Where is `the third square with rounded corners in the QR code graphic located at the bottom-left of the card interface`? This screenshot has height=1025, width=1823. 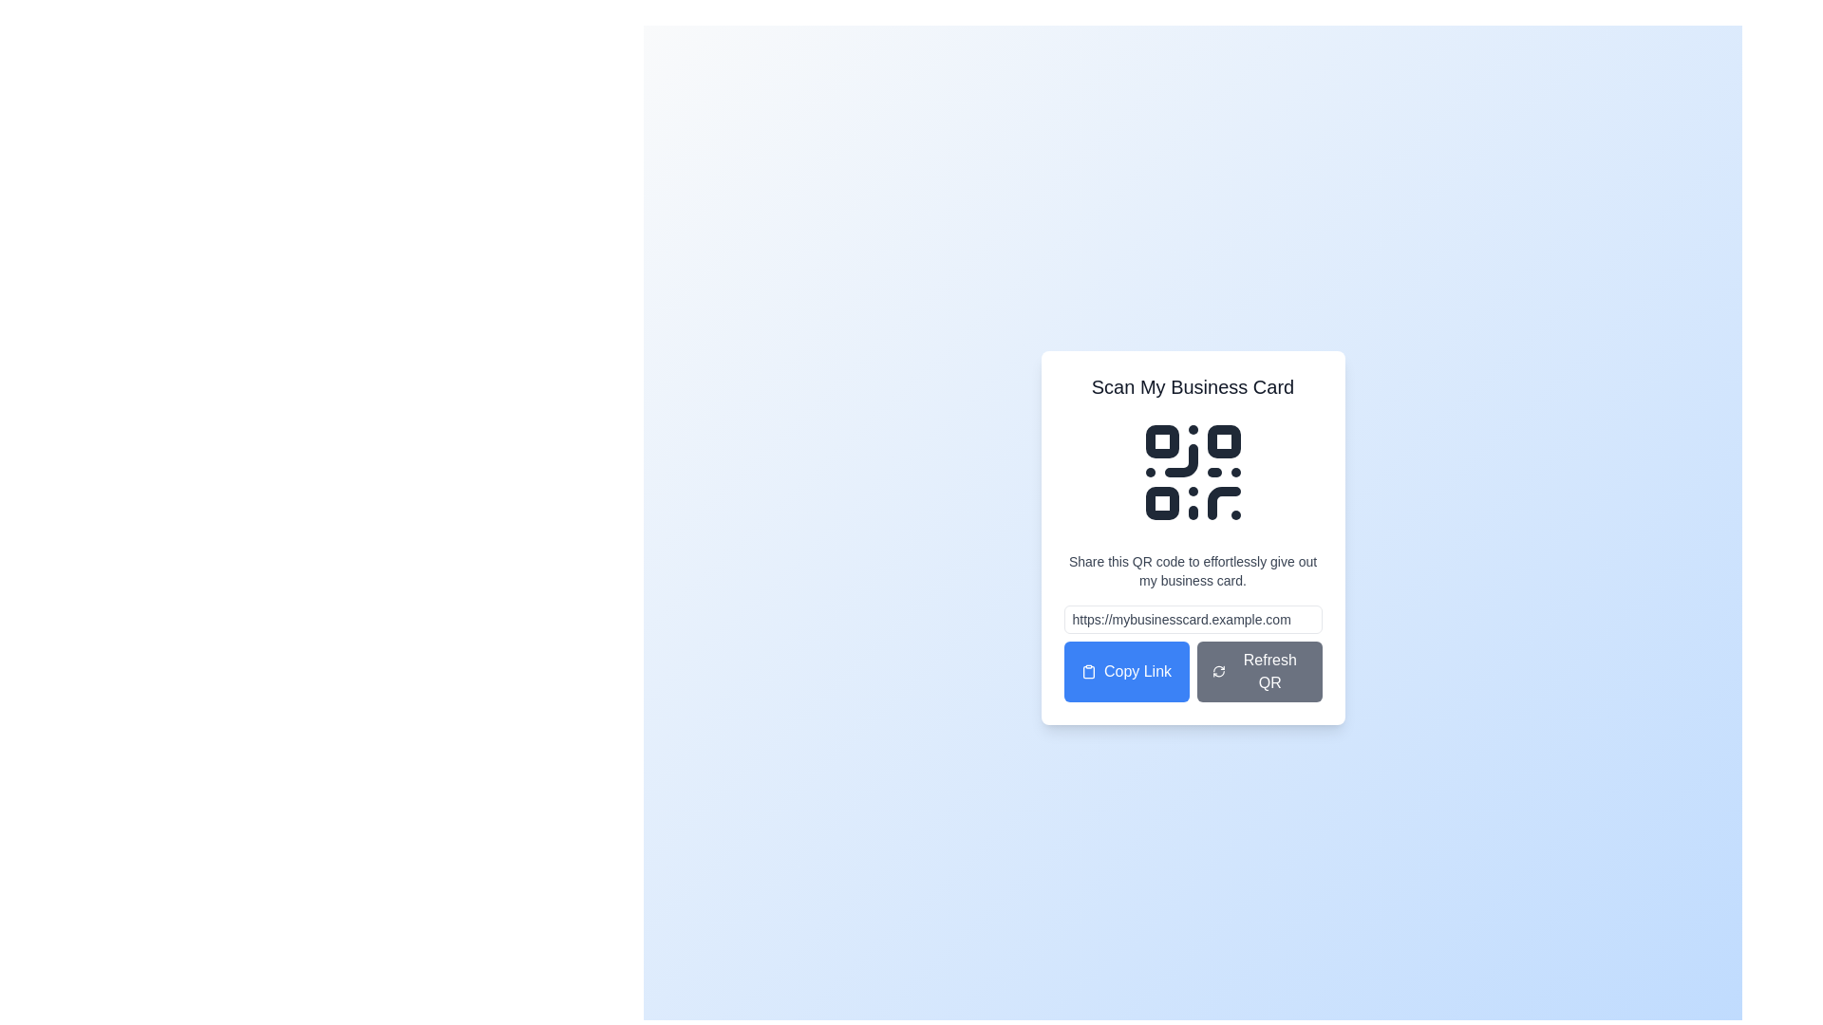
the third square with rounded corners in the QR code graphic located at the bottom-left of the card interface is located at coordinates (1161, 502).